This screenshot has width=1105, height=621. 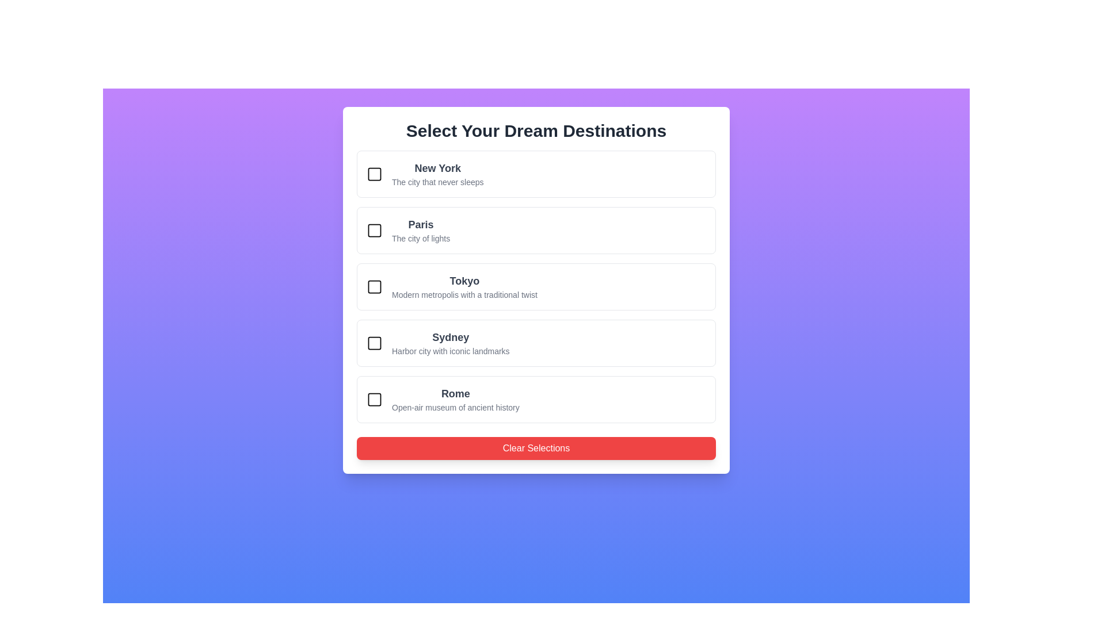 I want to click on the city card for Sydney, so click(x=535, y=343).